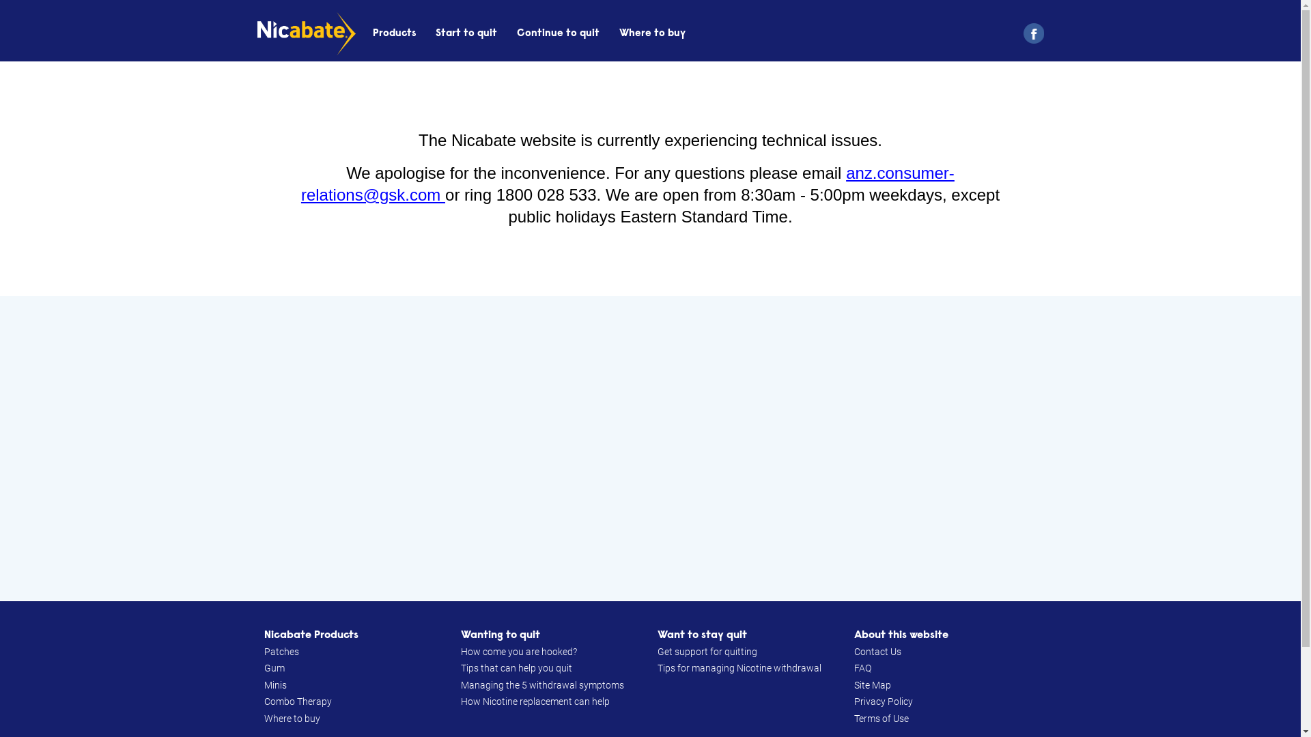 The height and width of the screenshot is (737, 1311). What do you see at coordinates (460, 635) in the screenshot?
I see `'Wanting to quit'` at bounding box center [460, 635].